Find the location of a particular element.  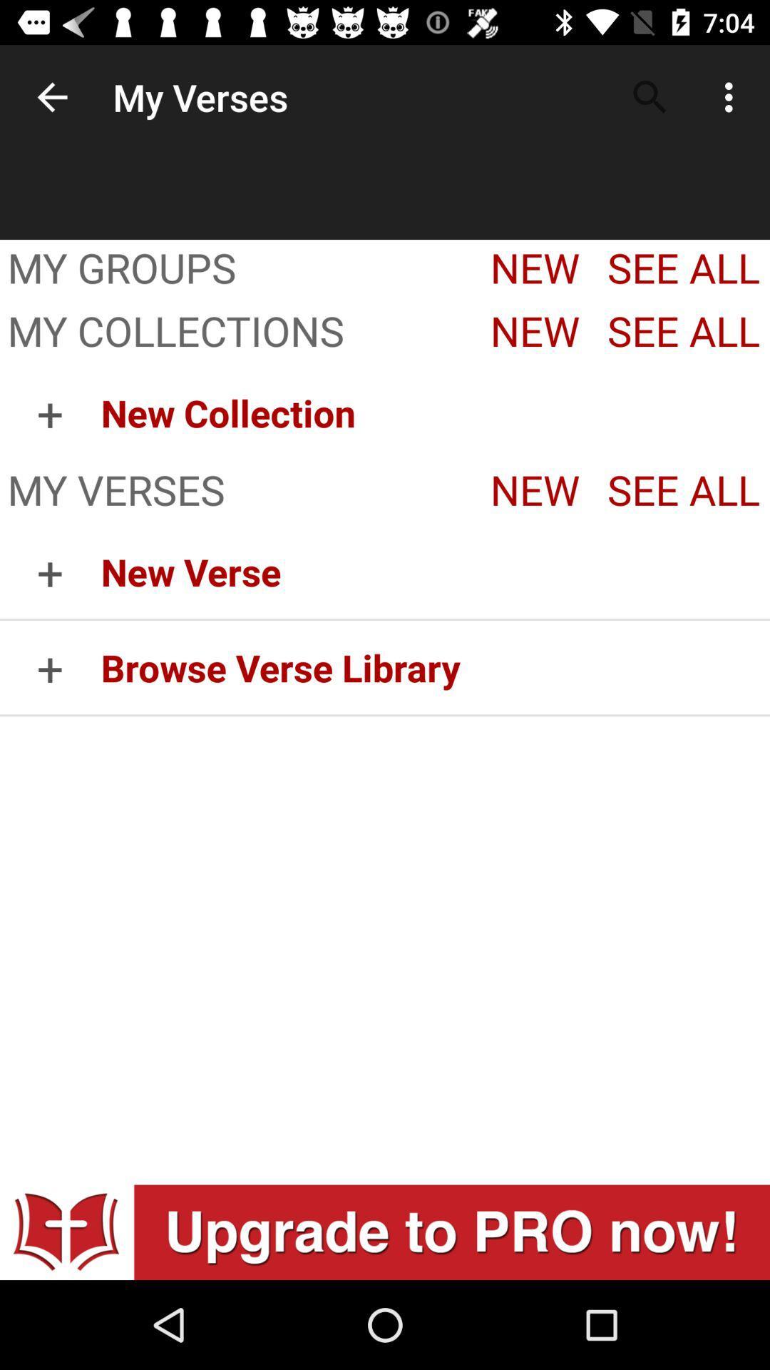

app below my verses item is located at coordinates (434, 572).